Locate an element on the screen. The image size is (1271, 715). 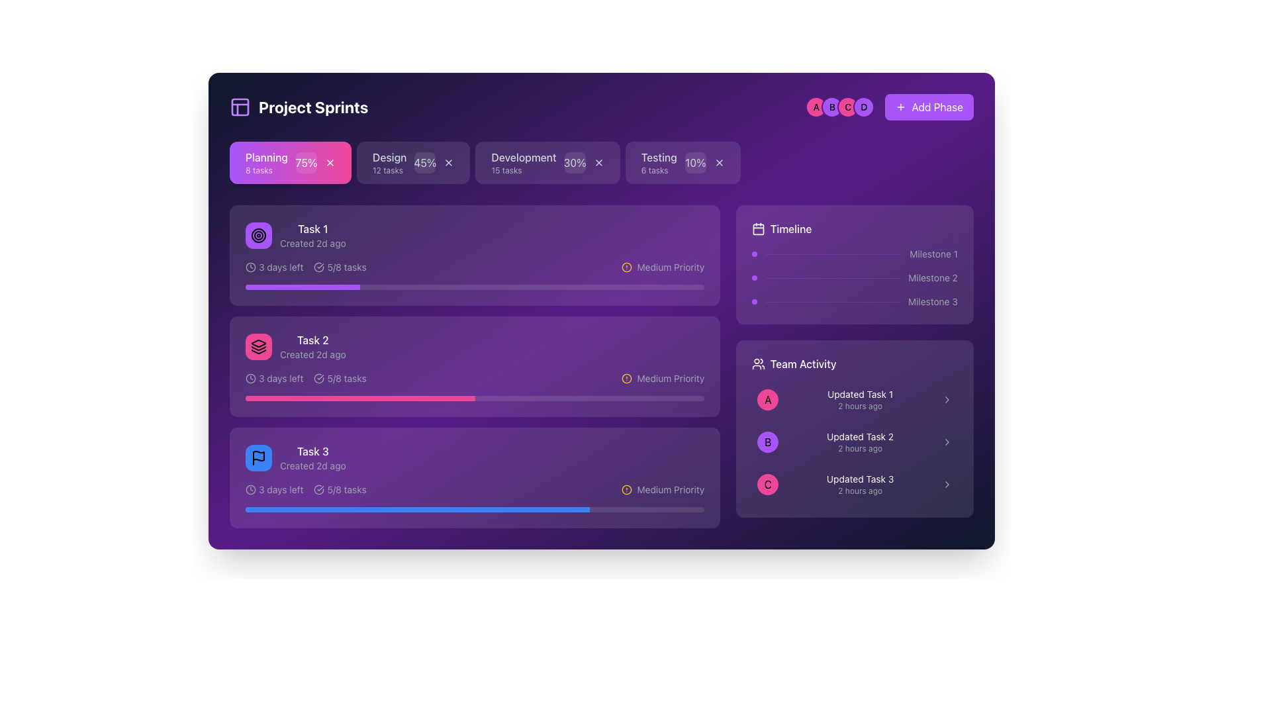
the header text and accompanying icon that indicates the current project or workspace, located at the top-left corner of the interface is located at coordinates (298, 107).